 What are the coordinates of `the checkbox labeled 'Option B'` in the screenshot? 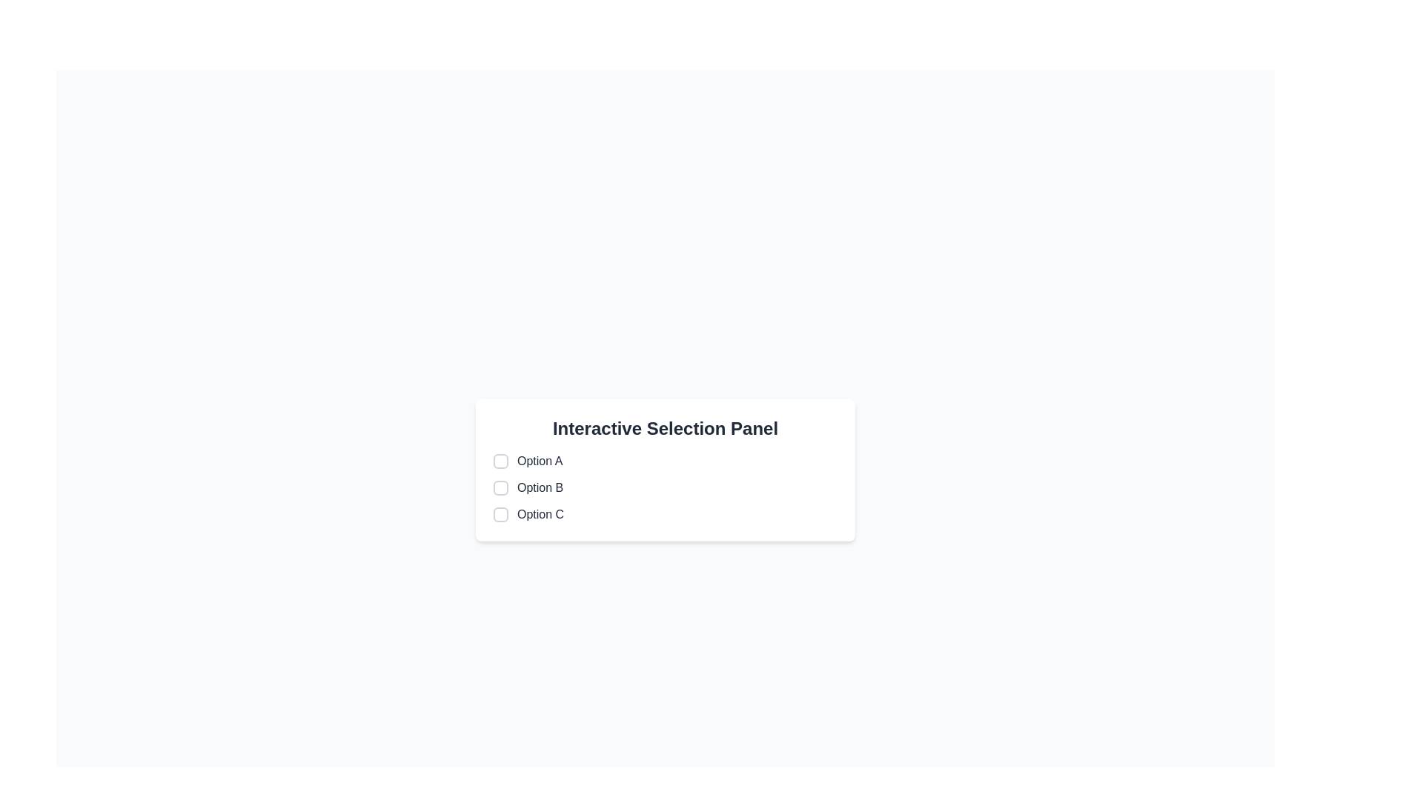 It's located at (664, 488).